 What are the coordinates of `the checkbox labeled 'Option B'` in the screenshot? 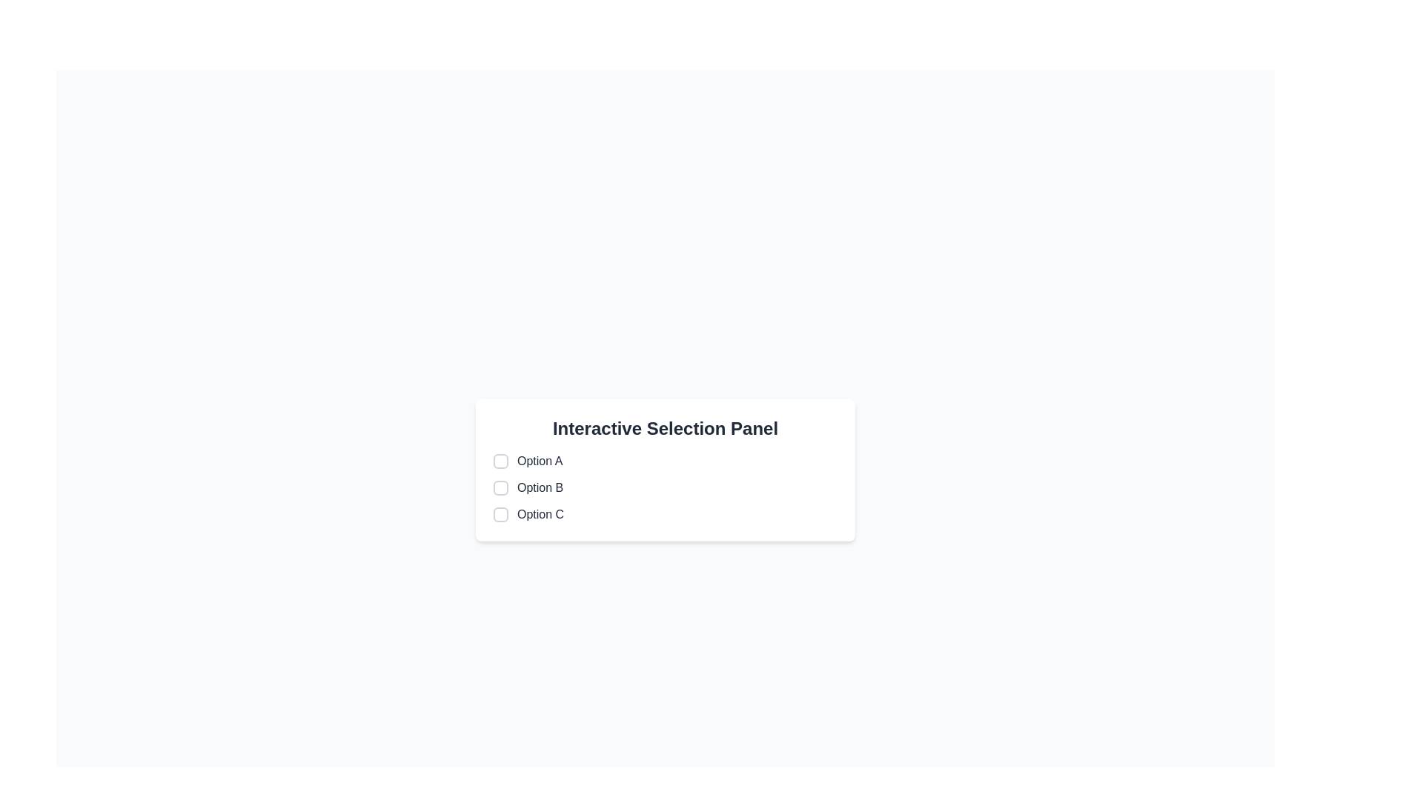 It's located at (664, 488).